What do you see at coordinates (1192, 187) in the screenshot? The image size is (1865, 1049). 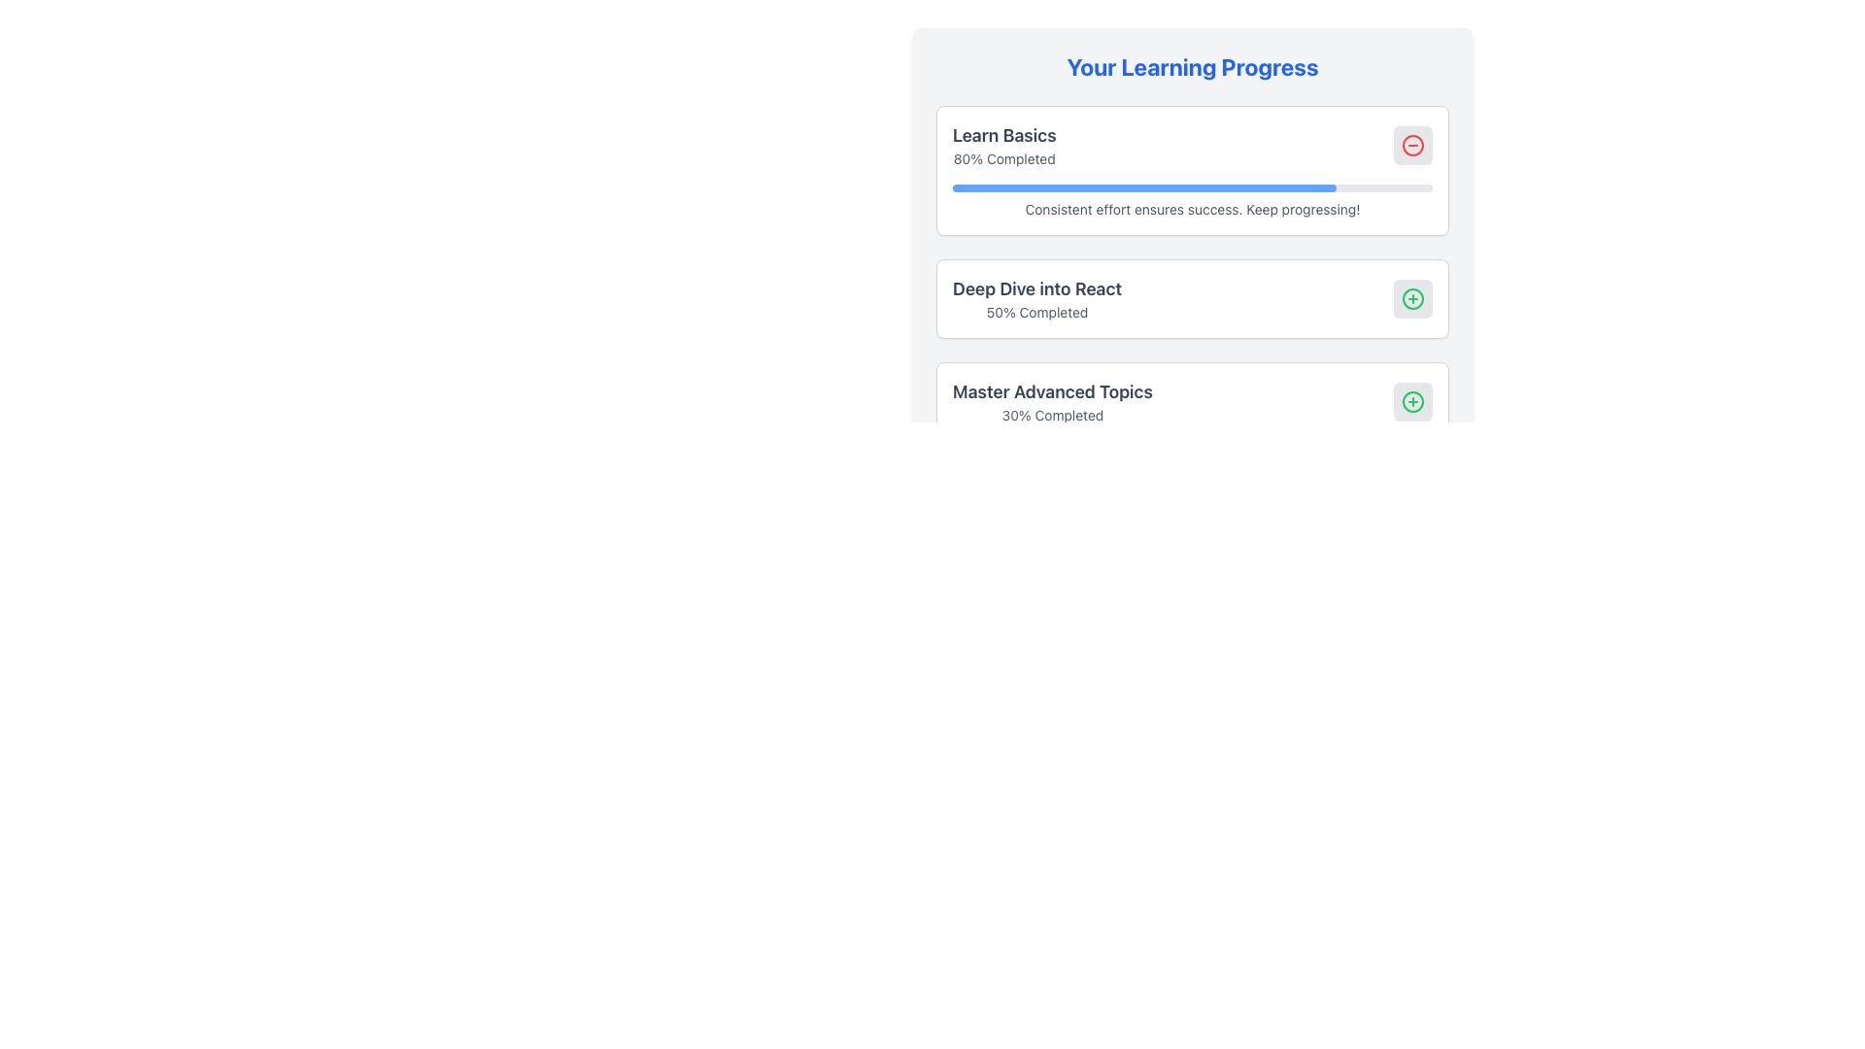 I see `the progress of the 'Learn Basics' task by interacting with the progress bar located at the center of the first white card` at bounding box center [1192, 187].